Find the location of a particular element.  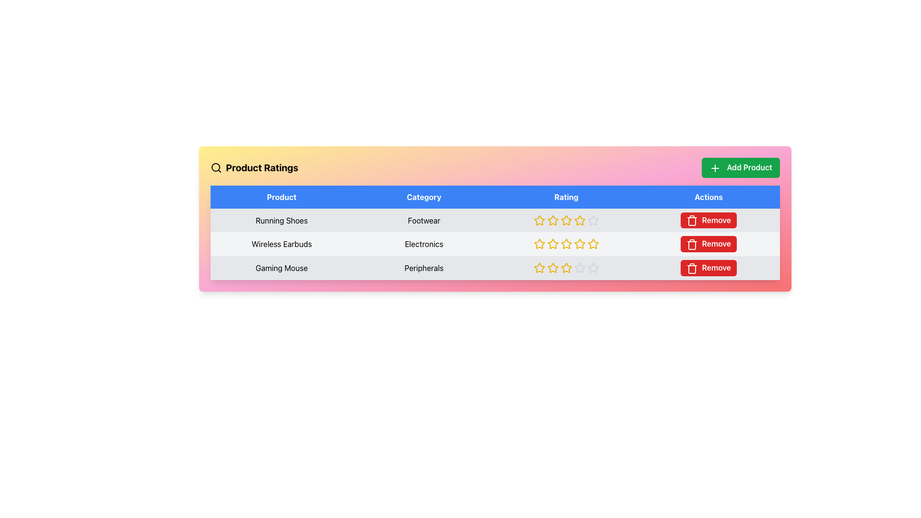

the small trash can icon with a red background in the 'Actions' column associated with the 'Wireless Earbuds' product is located at coordinates (692, 244).